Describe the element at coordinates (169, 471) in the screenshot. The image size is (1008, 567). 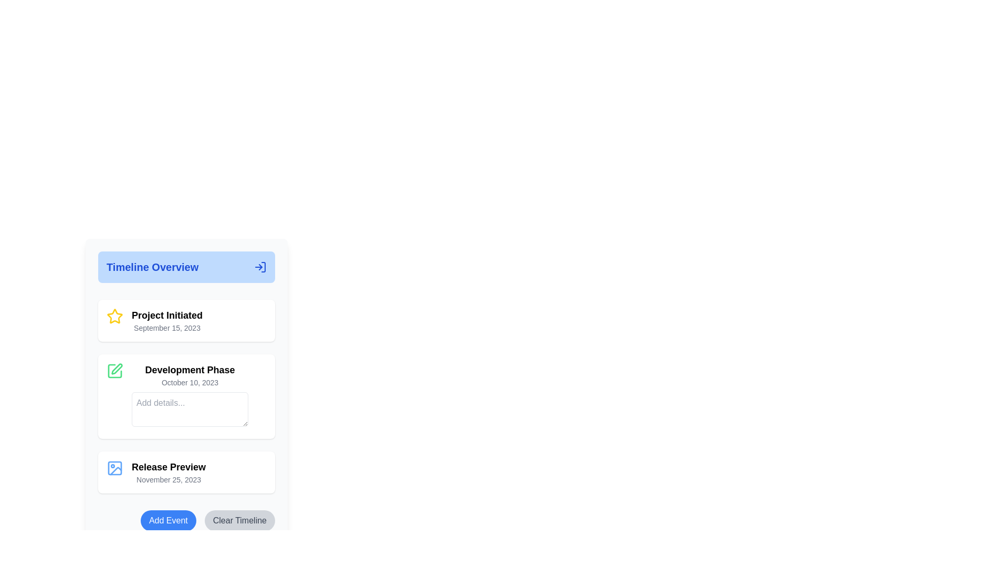
I see `the Text Display Group element containing 'Release Preview' and 'November 25, 2023' by moving to its center point` at that location.